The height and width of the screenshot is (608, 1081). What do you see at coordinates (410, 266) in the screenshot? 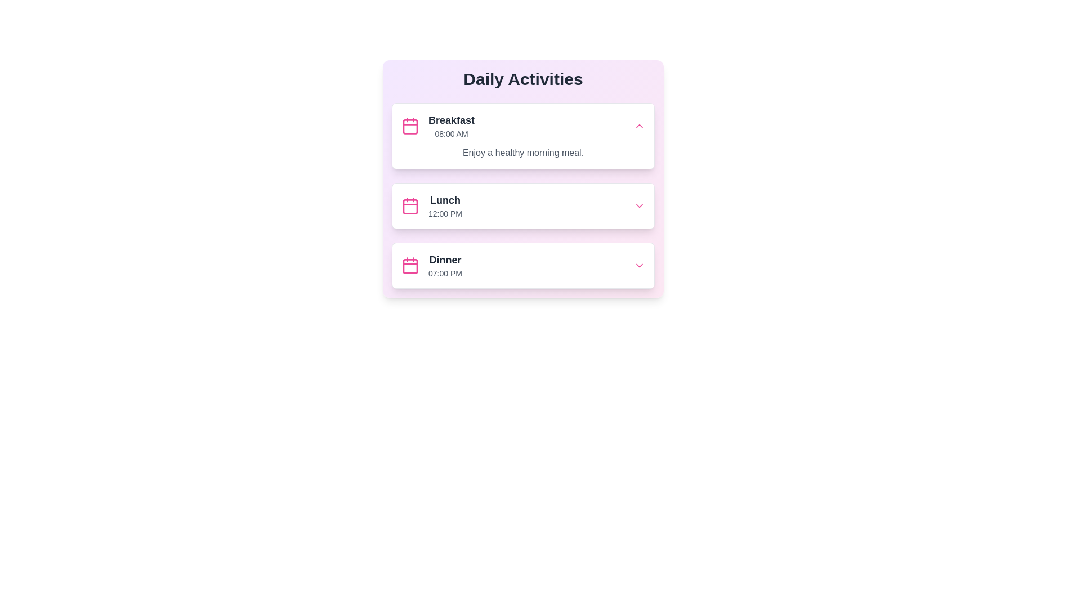
I see `the central rectangular decorative graphic element with a pink outline inside the calendar-themed icon associated with the 'Dinner' row` at bounding box center [410, 266].